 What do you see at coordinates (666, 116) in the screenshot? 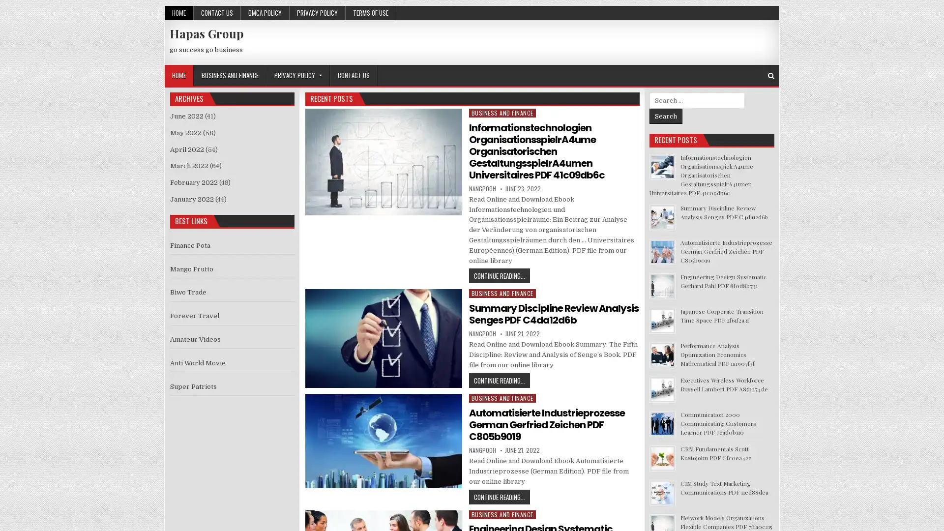
I see `Search` at bounding box center [666, 116].